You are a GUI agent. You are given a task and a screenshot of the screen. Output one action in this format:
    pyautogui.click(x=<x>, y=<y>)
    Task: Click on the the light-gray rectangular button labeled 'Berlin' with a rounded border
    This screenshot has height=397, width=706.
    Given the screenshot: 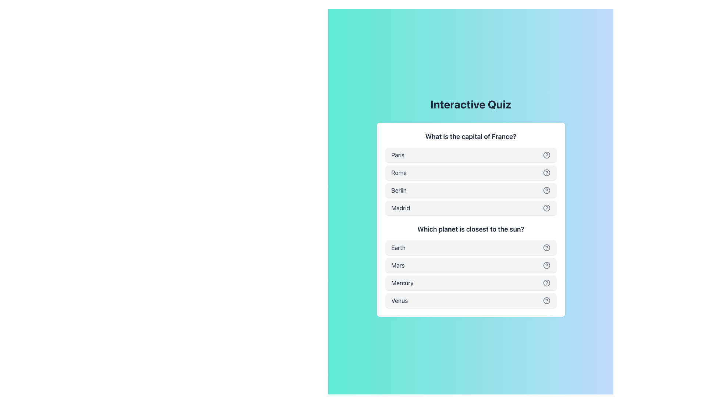 What is the action you would take?
    pyautogui.click(x=471, y=190)
    